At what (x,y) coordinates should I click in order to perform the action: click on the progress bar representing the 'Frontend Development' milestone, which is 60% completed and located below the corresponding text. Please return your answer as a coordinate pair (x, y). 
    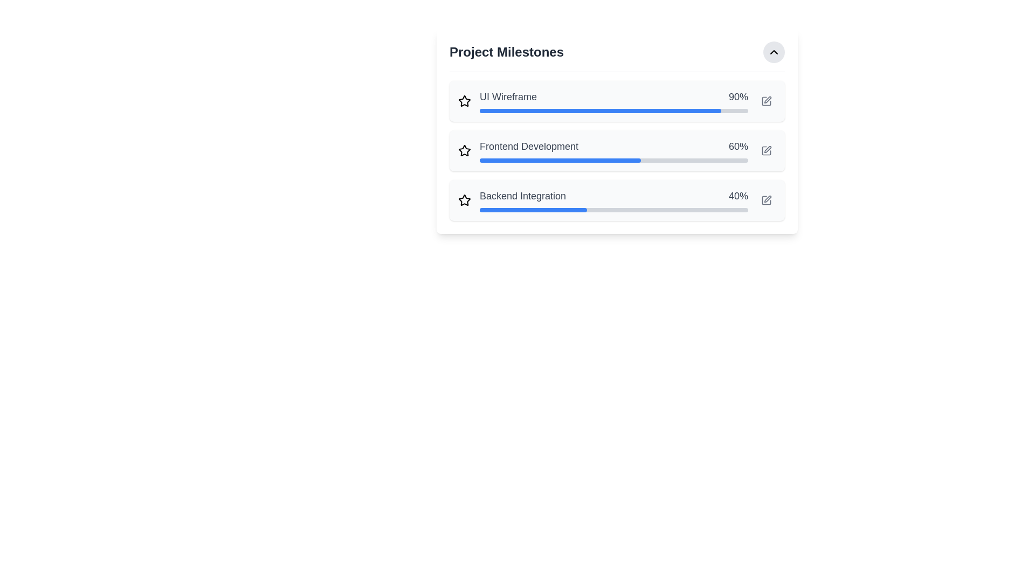
    Looking at the image, I should click on (613, 160).